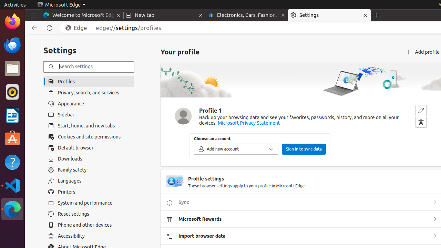 This screenshot has height=248, width=441. Describe the element at coordinates (49, 28) in the screenshot. I see `'Refresh'` at that location.